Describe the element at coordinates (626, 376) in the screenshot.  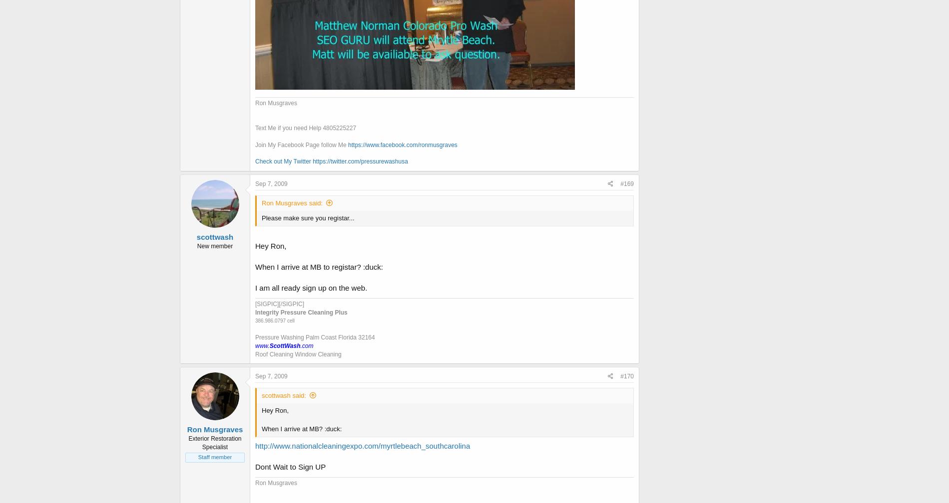
I see `'#170'` at that location.